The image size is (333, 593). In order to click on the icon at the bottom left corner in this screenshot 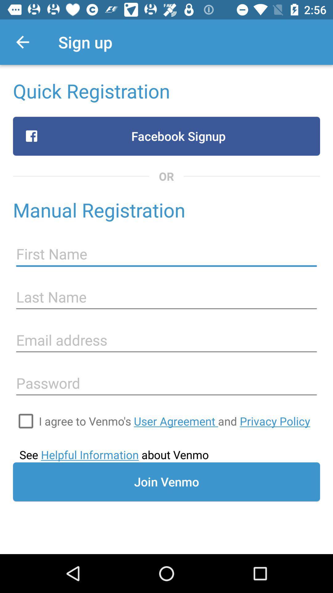, I will do `click(26, 421)`.